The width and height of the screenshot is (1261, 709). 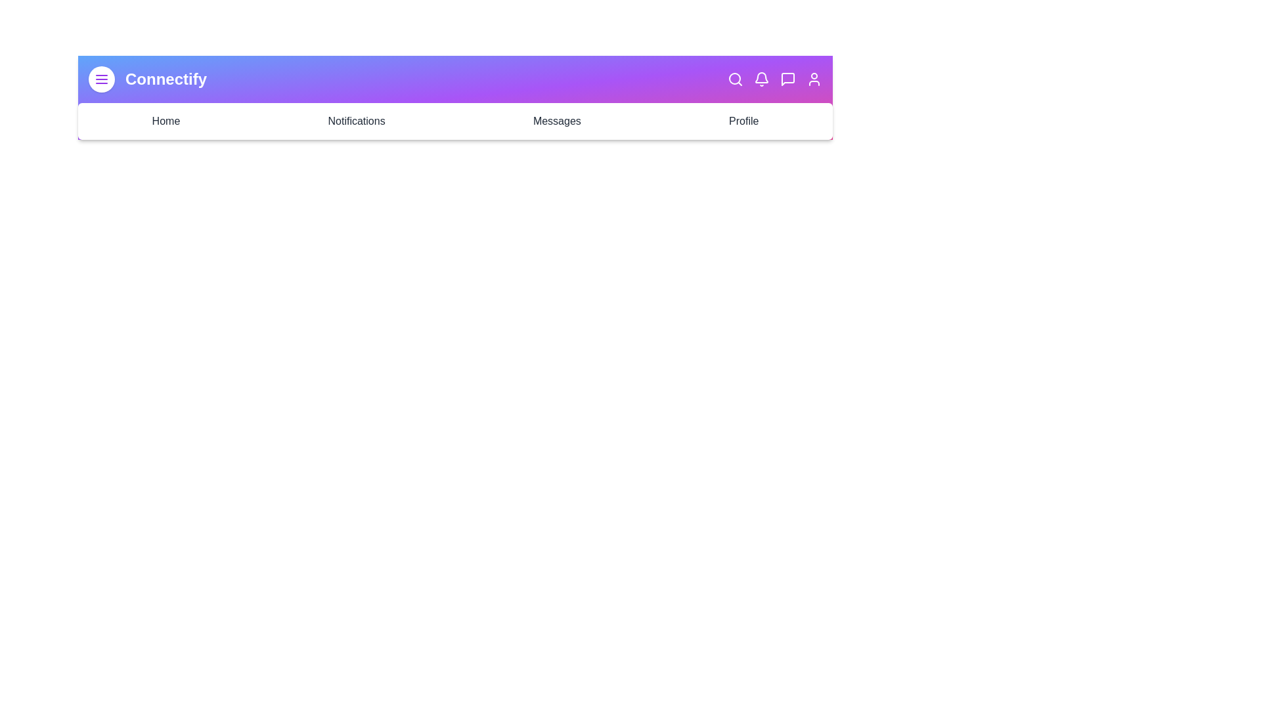 What do you see at coordinates (734, 79) in the screenshot?
I see `the Search icon in the top-right section` at bounding box center [734, 79].